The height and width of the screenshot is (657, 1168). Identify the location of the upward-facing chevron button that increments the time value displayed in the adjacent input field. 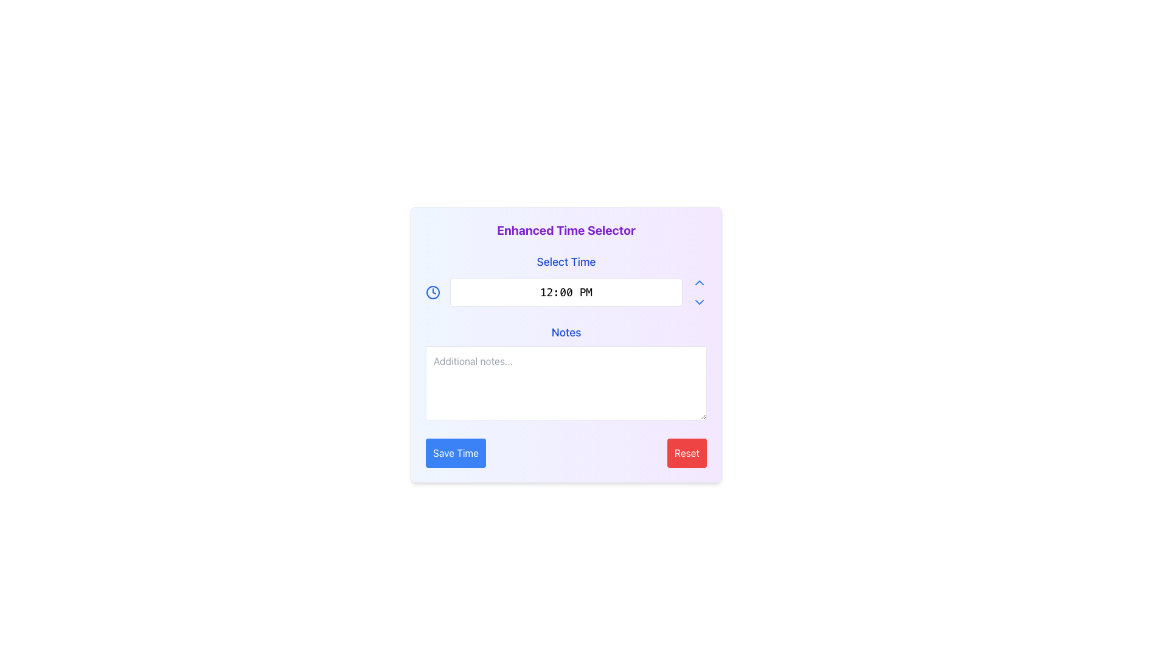
(700, 283).